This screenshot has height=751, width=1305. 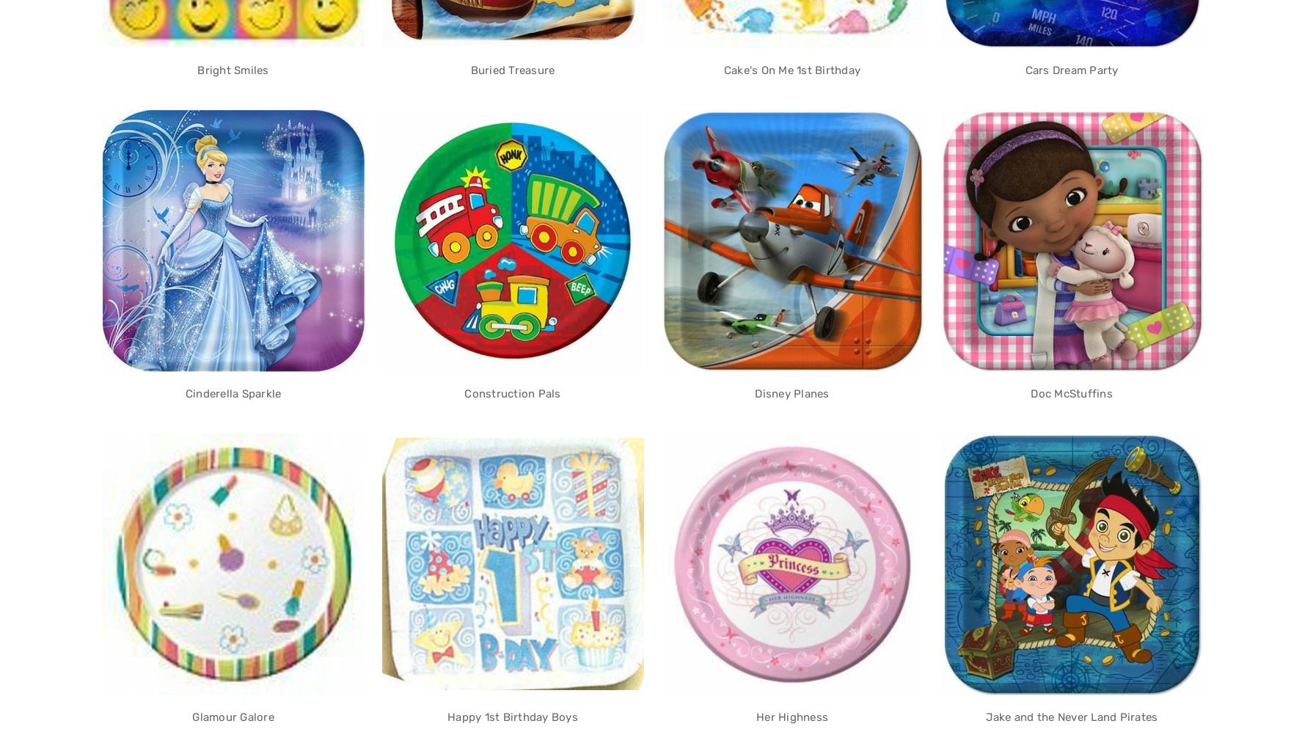 What do you see at coordinates (792, 716) in the screenshot?
I see `'Her Highness'` at bounding box center [792, 716].